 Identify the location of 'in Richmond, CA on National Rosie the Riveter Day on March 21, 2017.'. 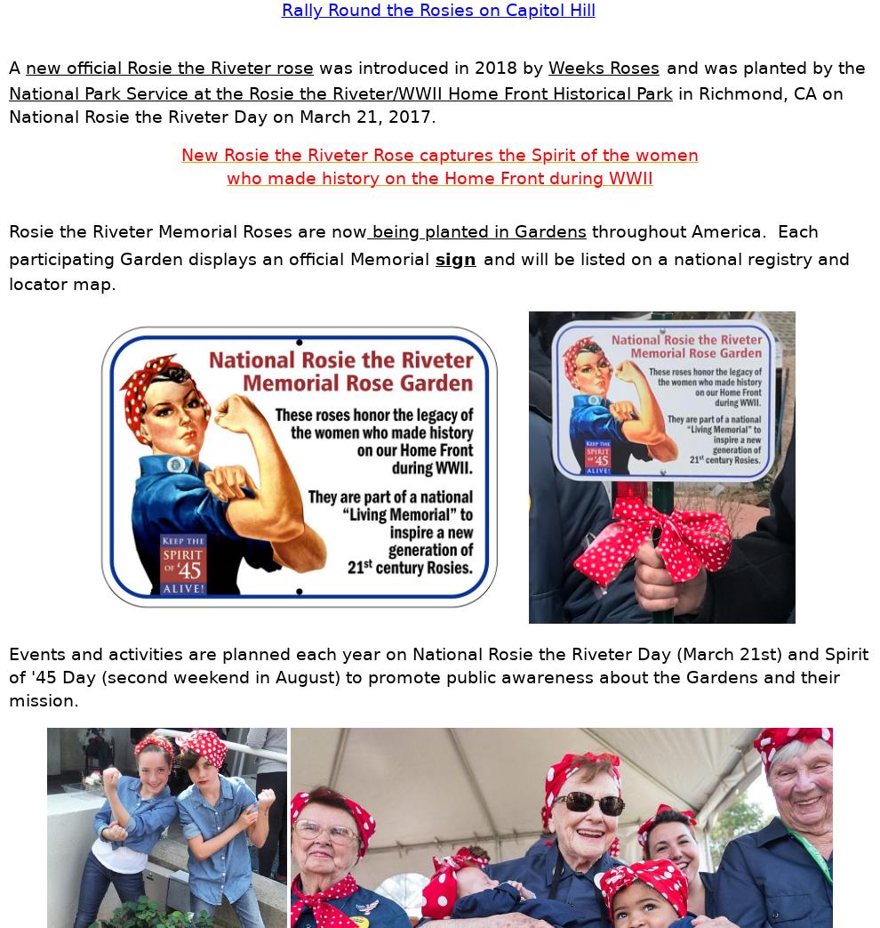
(426, 104).